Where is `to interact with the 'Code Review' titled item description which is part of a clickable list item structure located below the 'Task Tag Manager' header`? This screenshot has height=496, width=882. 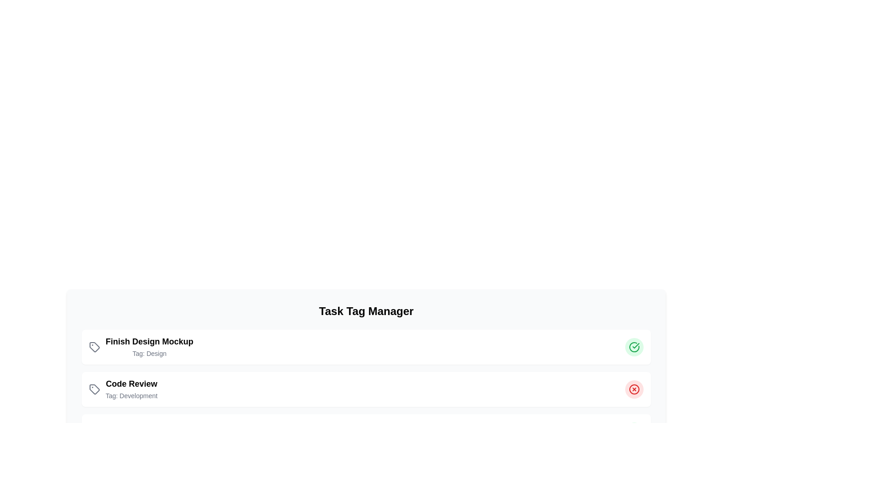
to interact with the 'Code Review' titled item description which is part of a clickable list item structure located below the 'Task Tag Manager' header is located at coordinates (131, 389).